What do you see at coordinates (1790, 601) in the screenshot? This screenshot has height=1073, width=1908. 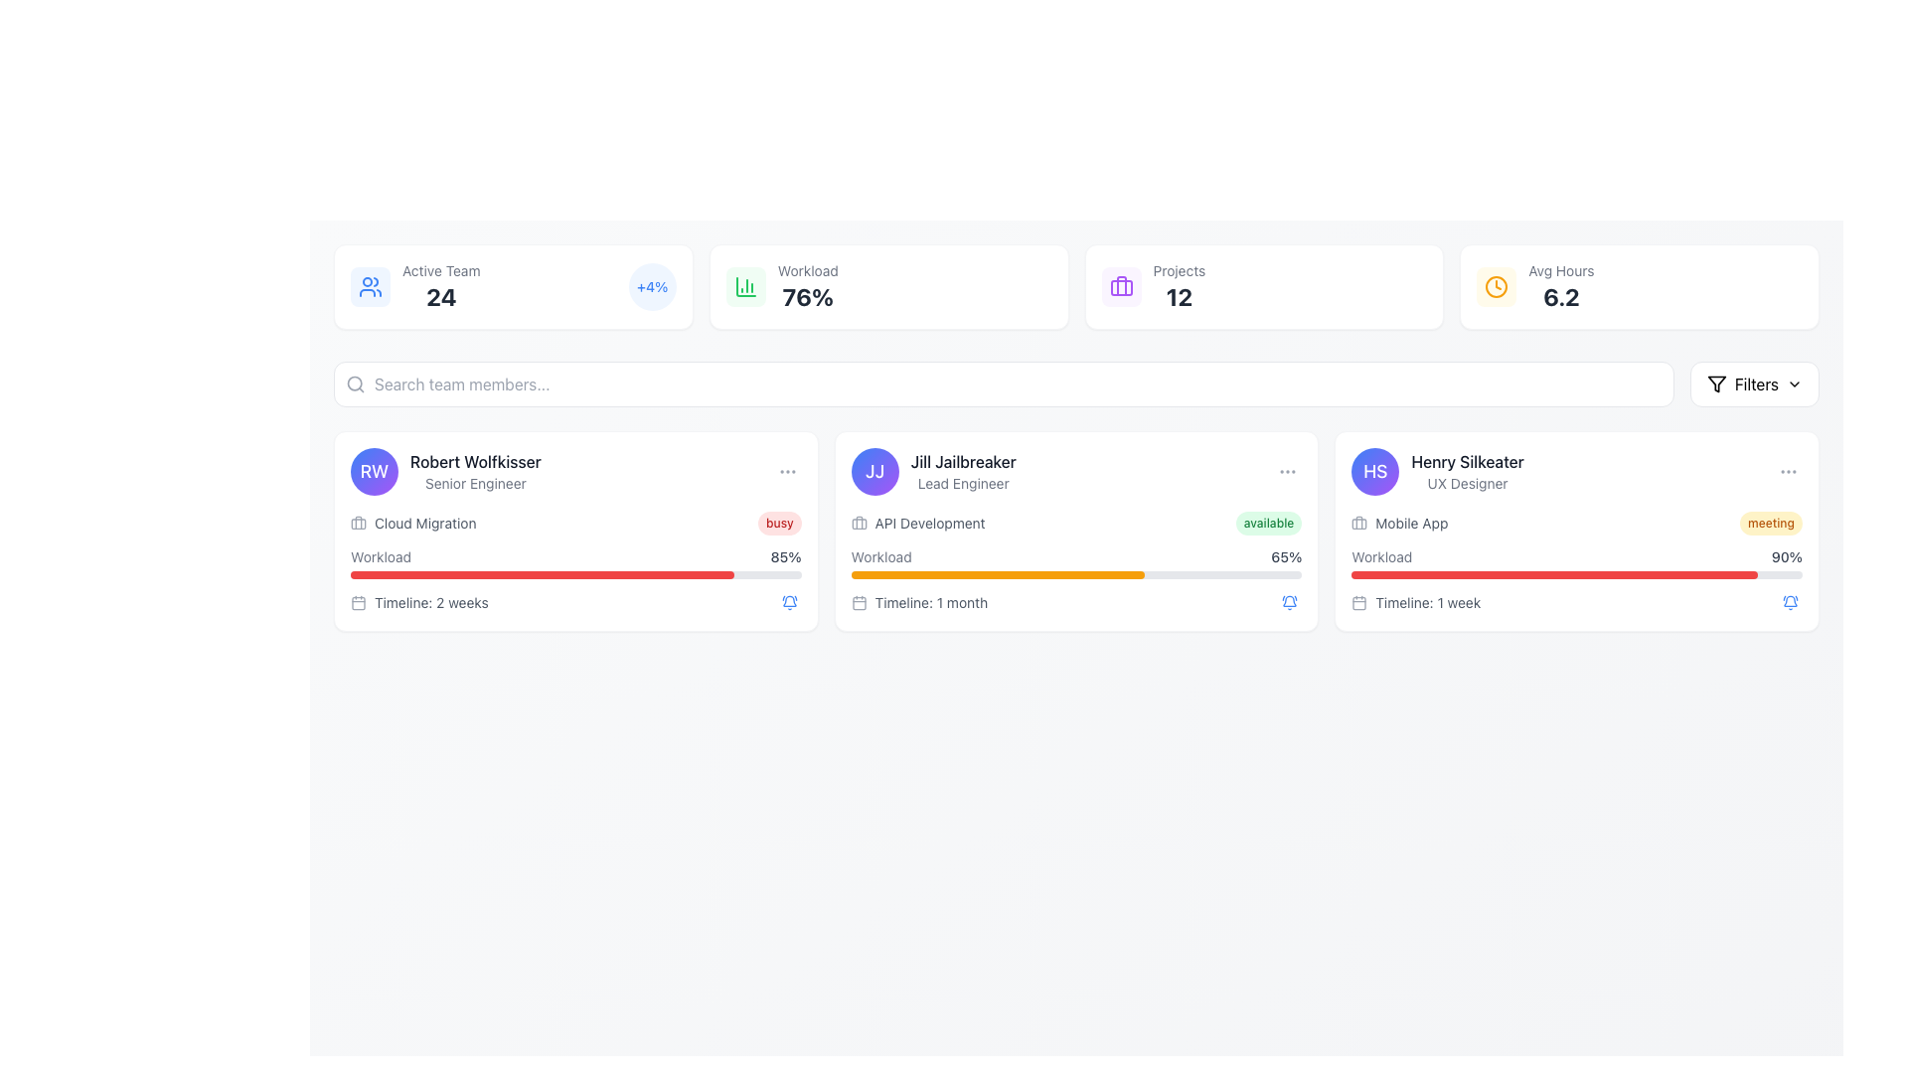 I see `the button located at the far right of the 'Henry Silkeater' card to observe its hover effect` at bounding box center [1790, 601].